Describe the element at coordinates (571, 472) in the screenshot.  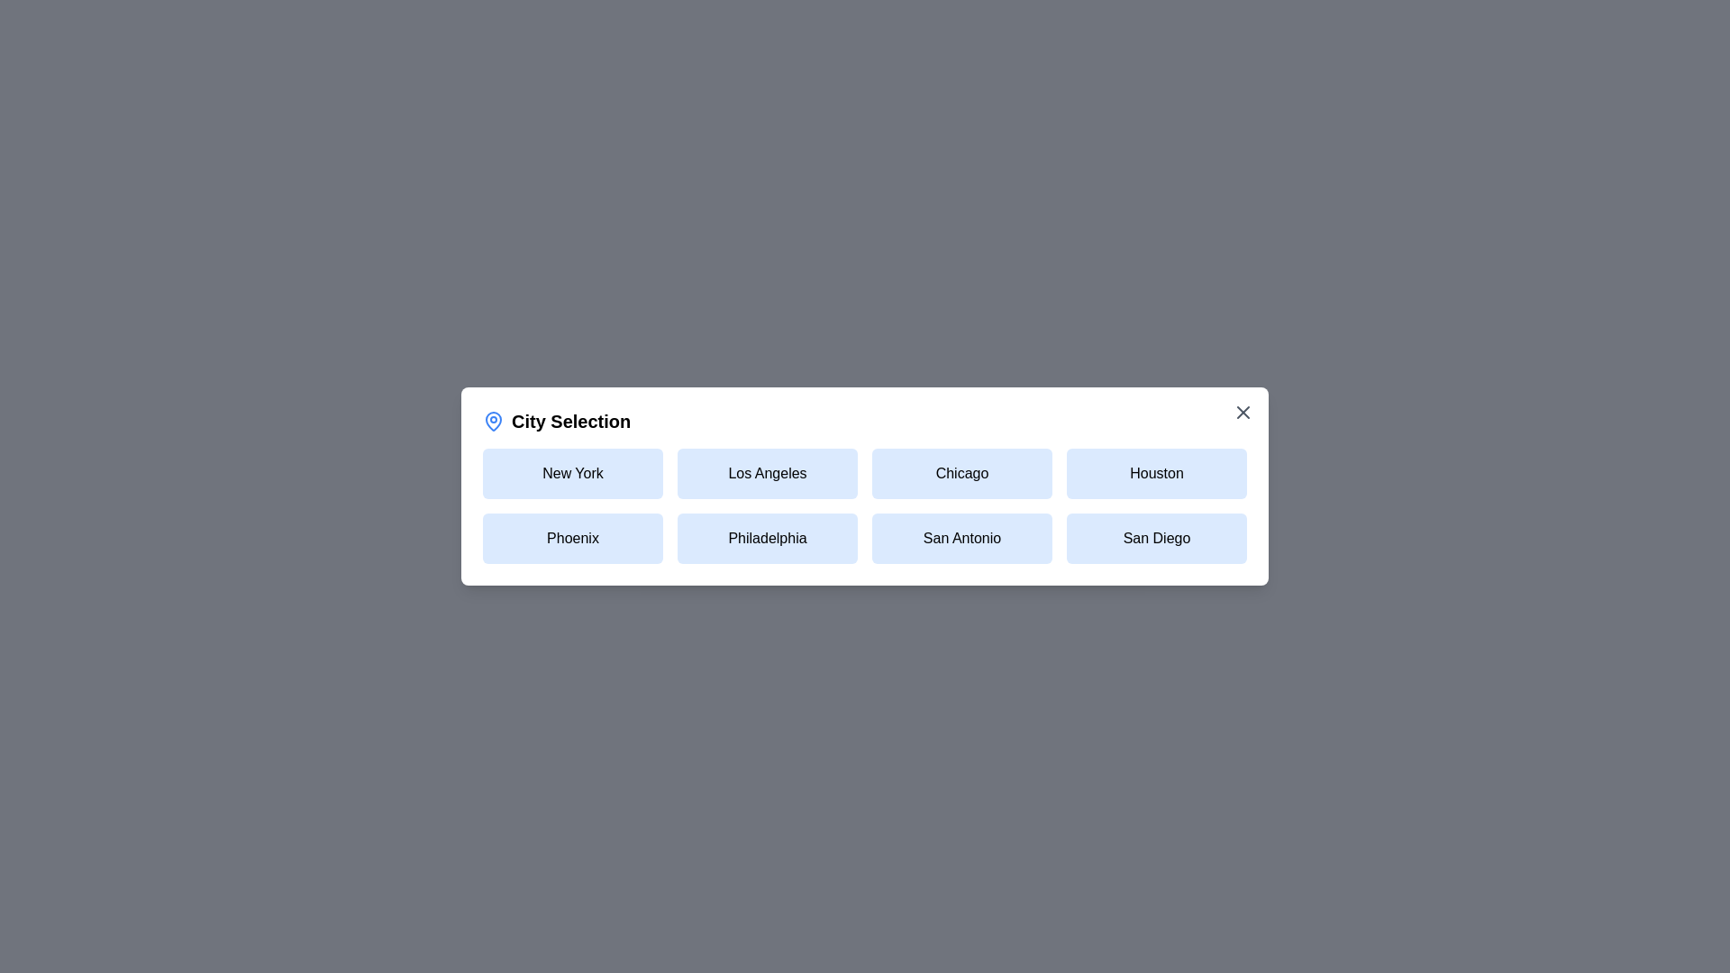
I see `the city New York by clicking on its button` at that location.